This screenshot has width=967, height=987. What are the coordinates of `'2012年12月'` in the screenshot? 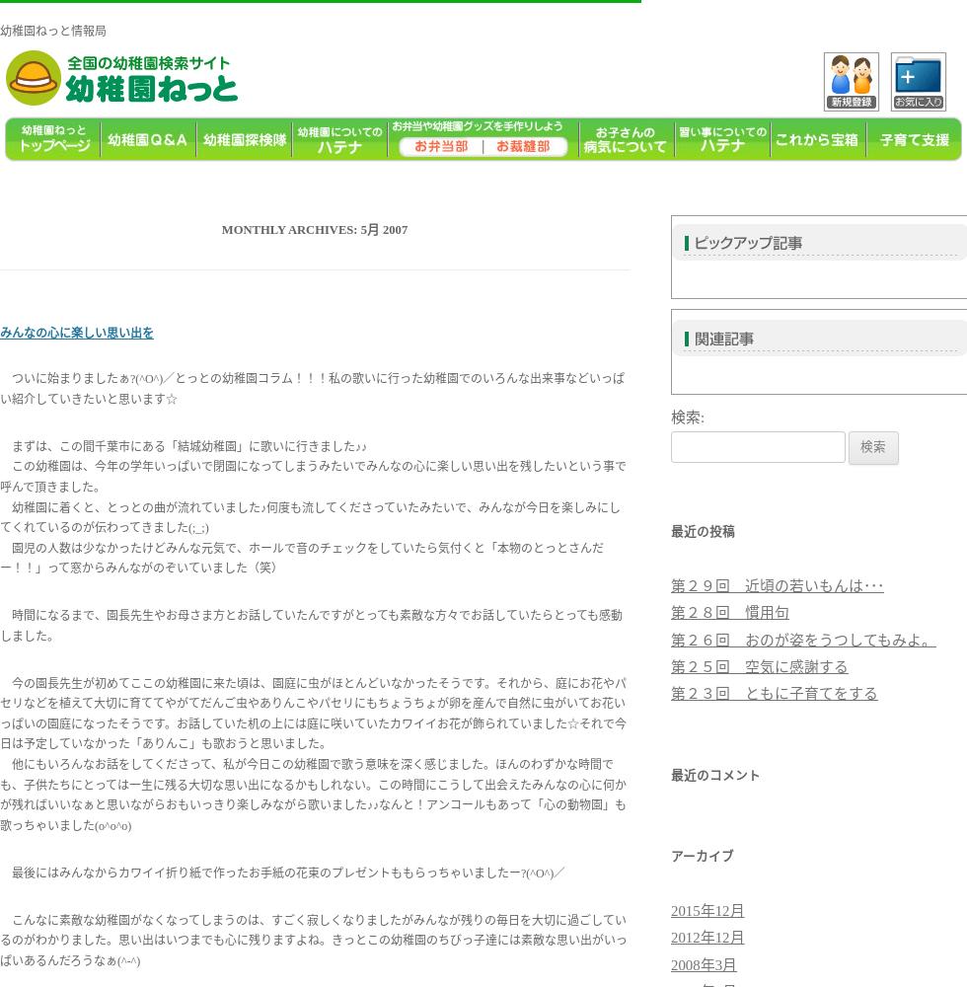 It's located at (707, 937).